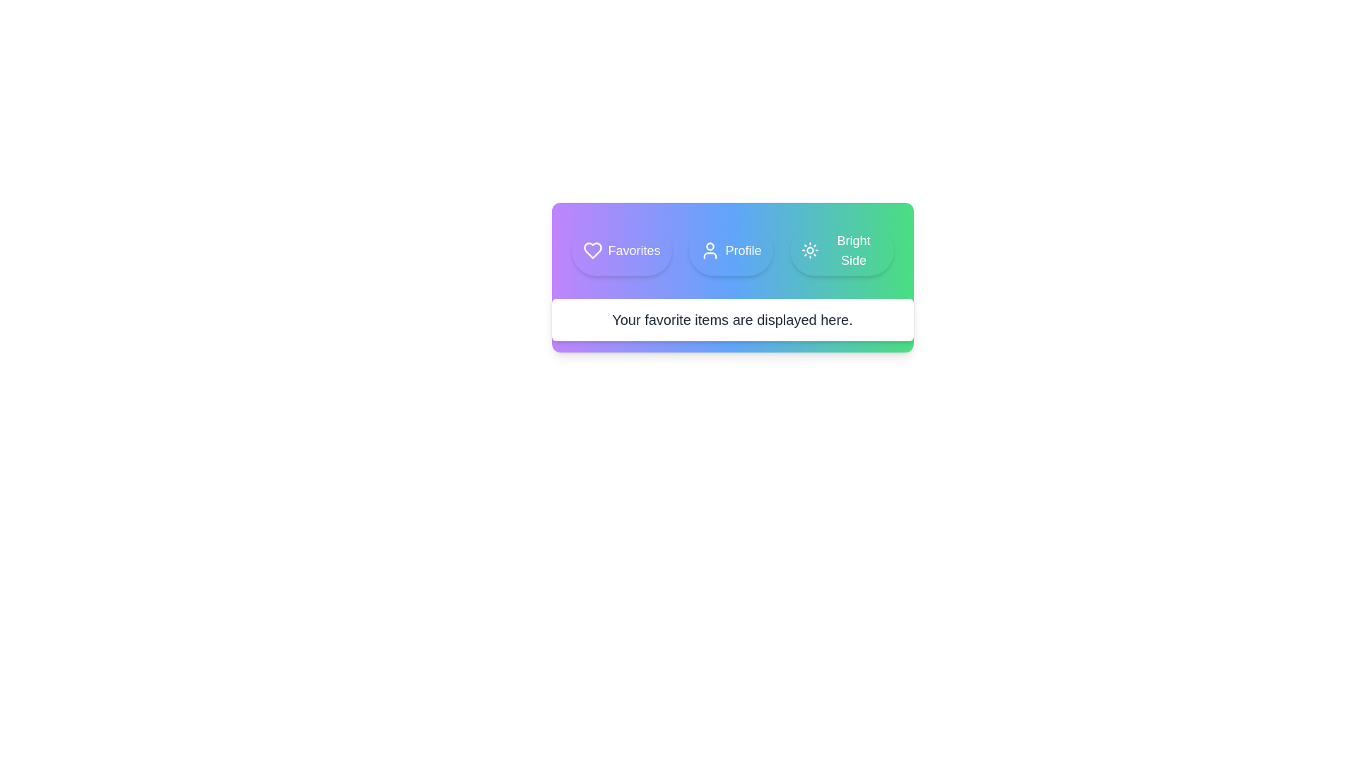 The image size is (1357, 763). Describe the element at coordinates (731, 249) in the screenshot. I see `the Profile tab to view its content` at that location.